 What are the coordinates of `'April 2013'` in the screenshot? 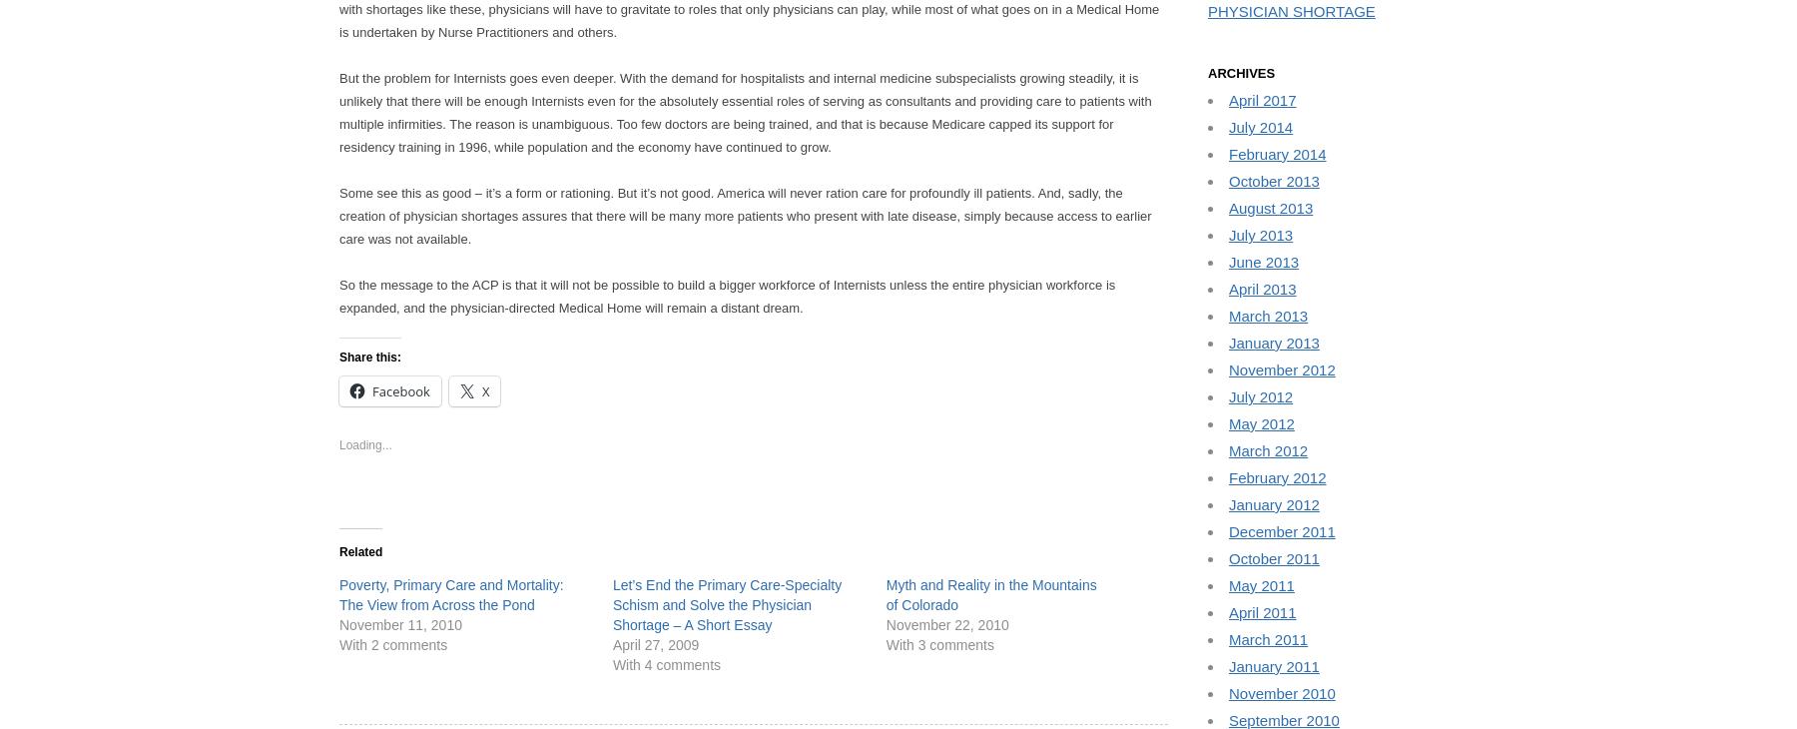 It's located at (1262, 289).